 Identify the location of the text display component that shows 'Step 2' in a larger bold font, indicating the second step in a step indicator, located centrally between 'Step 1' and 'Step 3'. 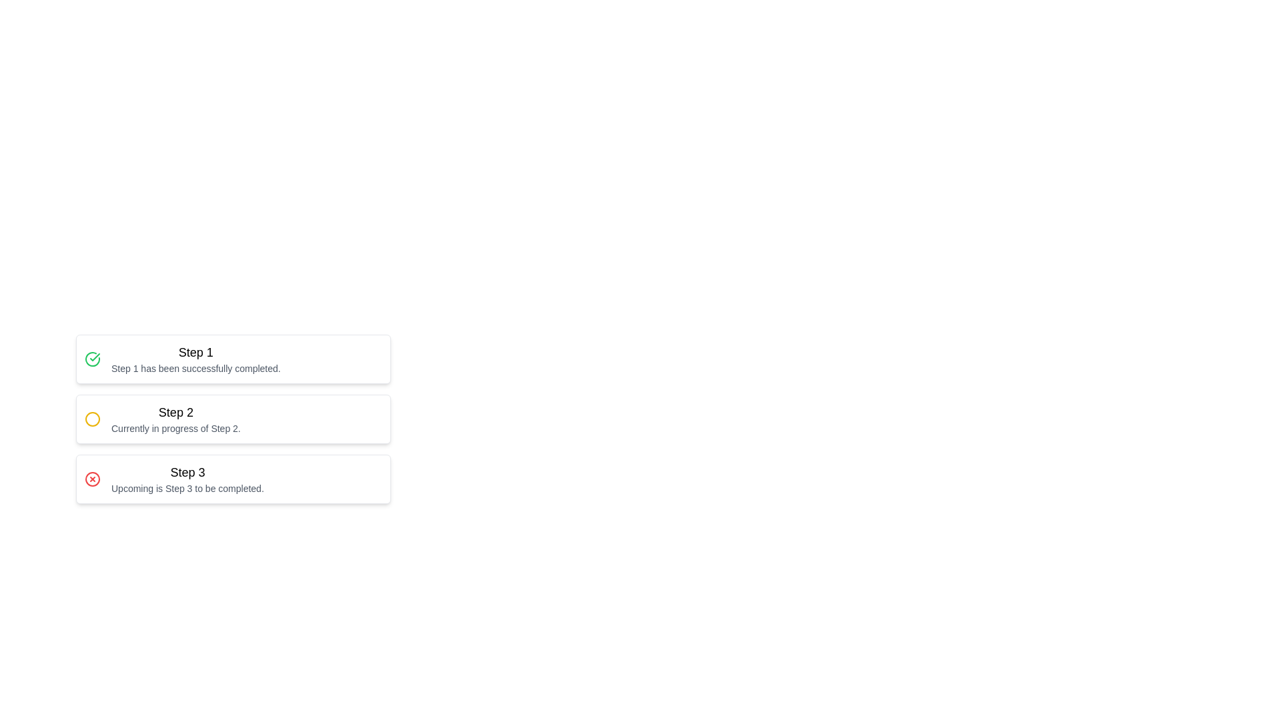
(175, 418).